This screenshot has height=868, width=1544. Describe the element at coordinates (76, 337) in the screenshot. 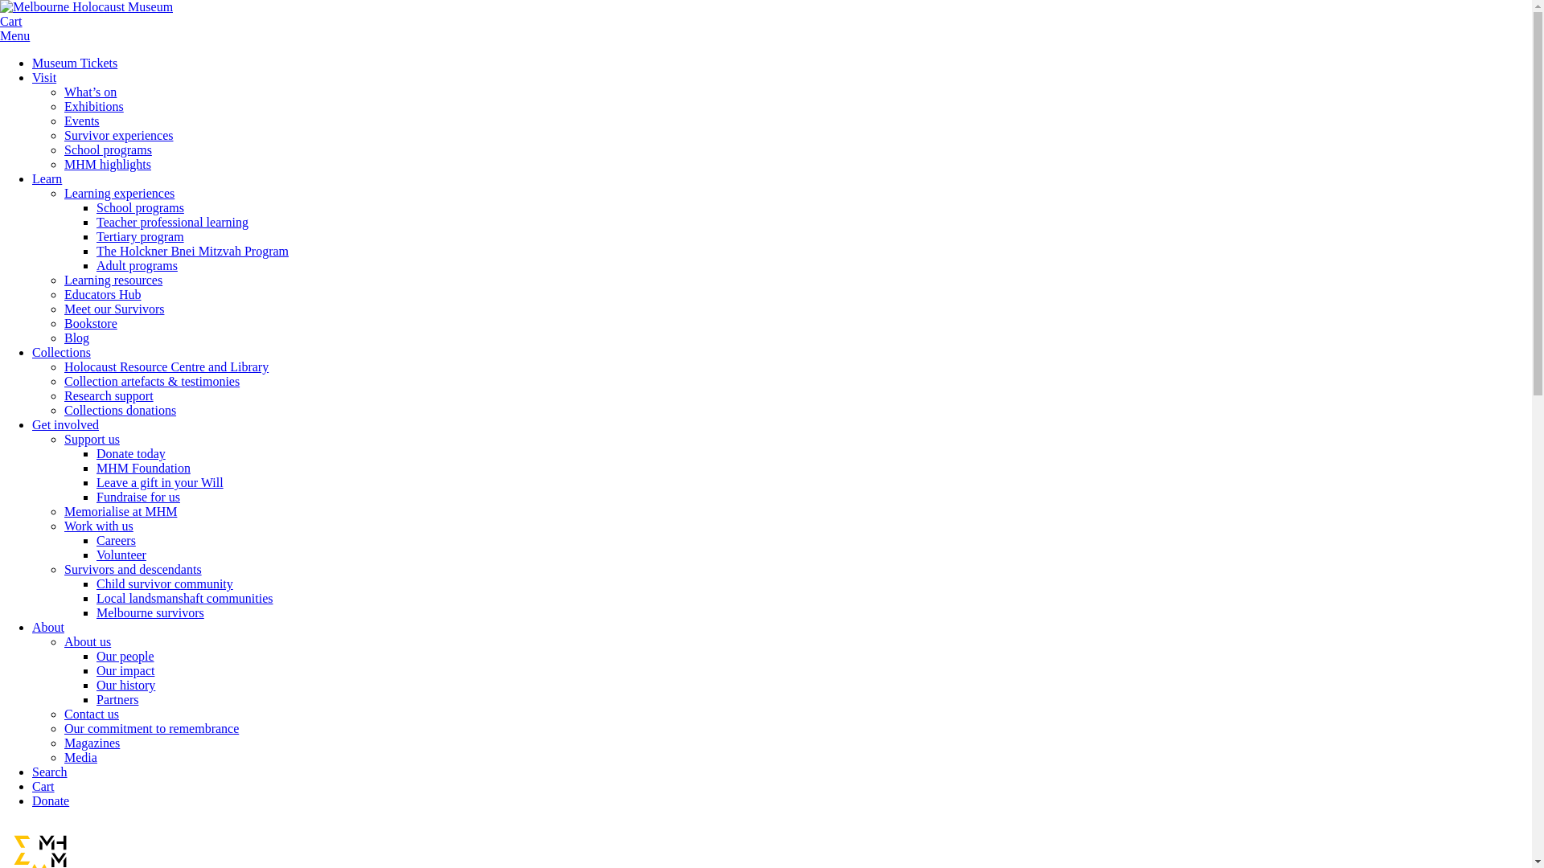

I see `'Blog'` at that location.